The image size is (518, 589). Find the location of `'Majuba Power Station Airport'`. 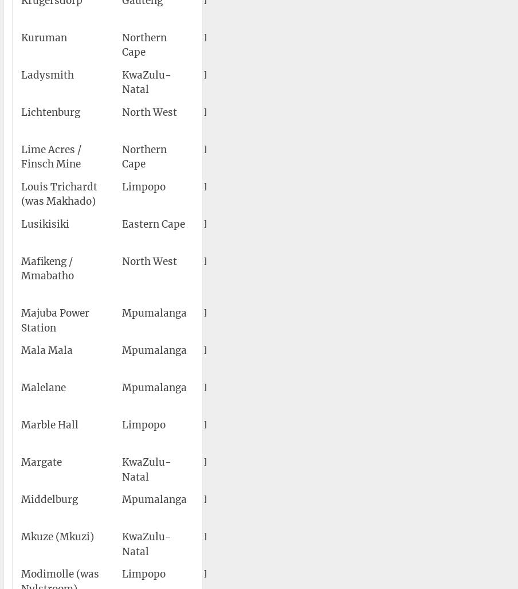

'Majuba Power Station Airport' is located at coordinates (296, 319).